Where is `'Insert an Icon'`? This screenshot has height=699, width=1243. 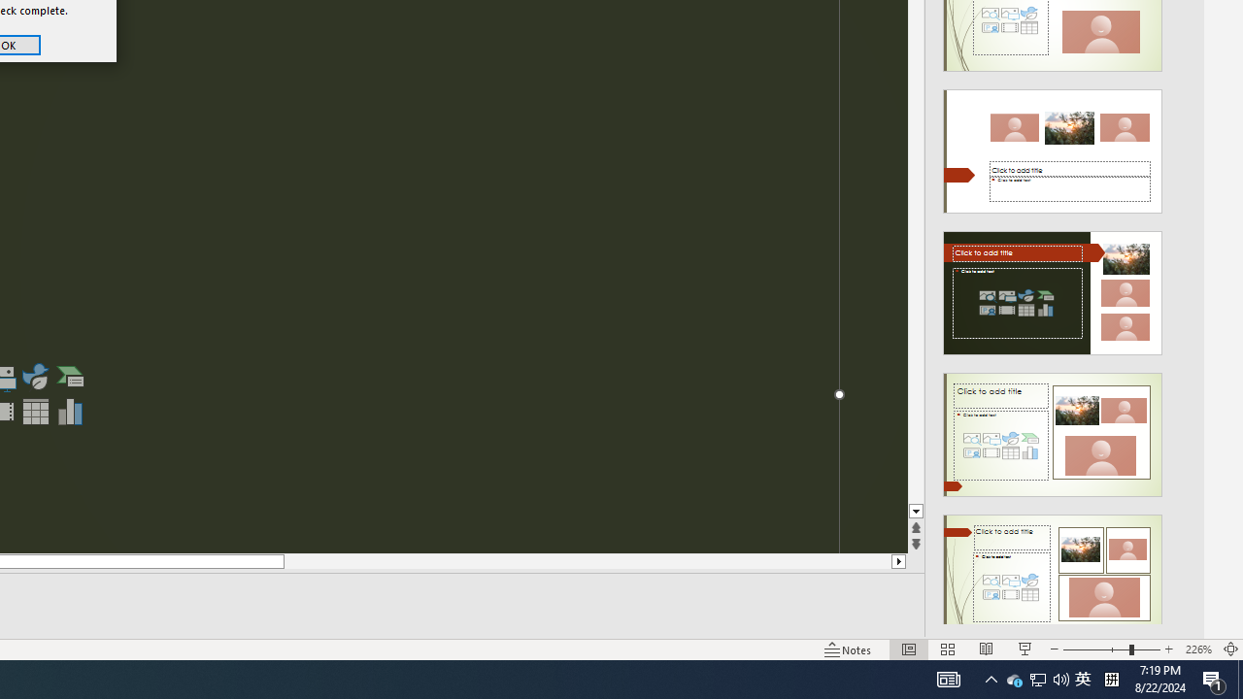 'Insert an Icon' is located at coordinates (35, 377).